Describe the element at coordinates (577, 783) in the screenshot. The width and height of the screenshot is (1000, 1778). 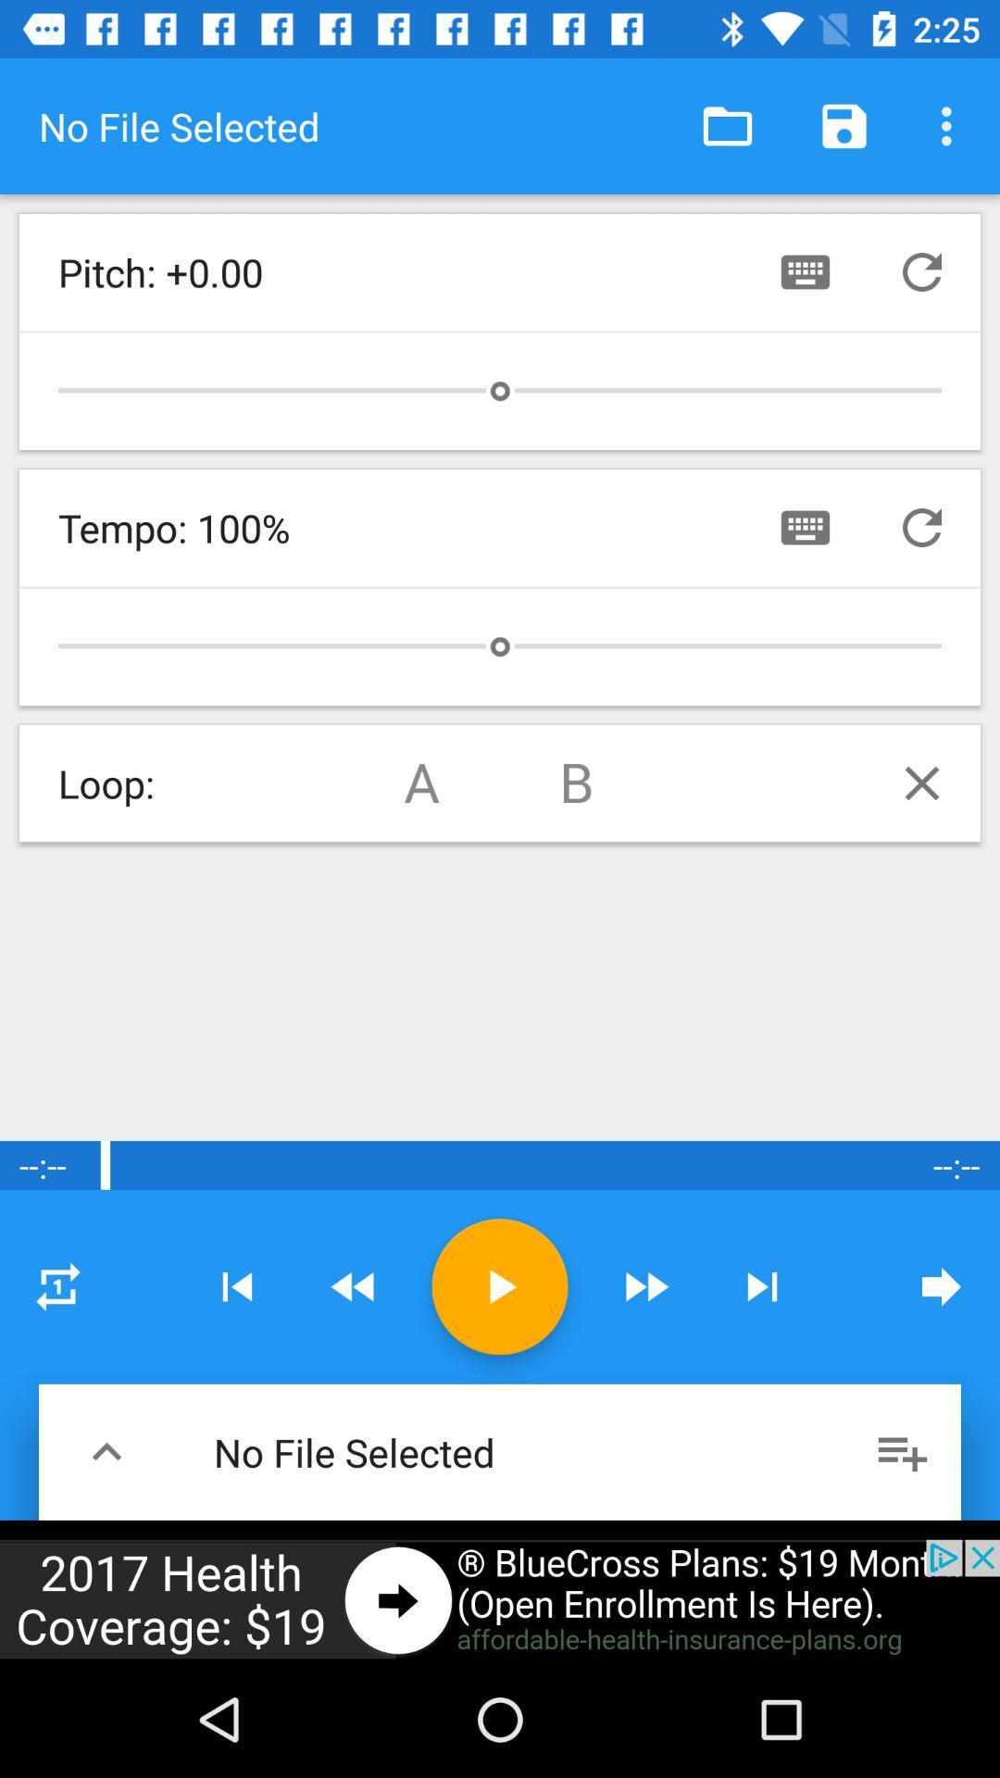
I see `loop b` at that location.